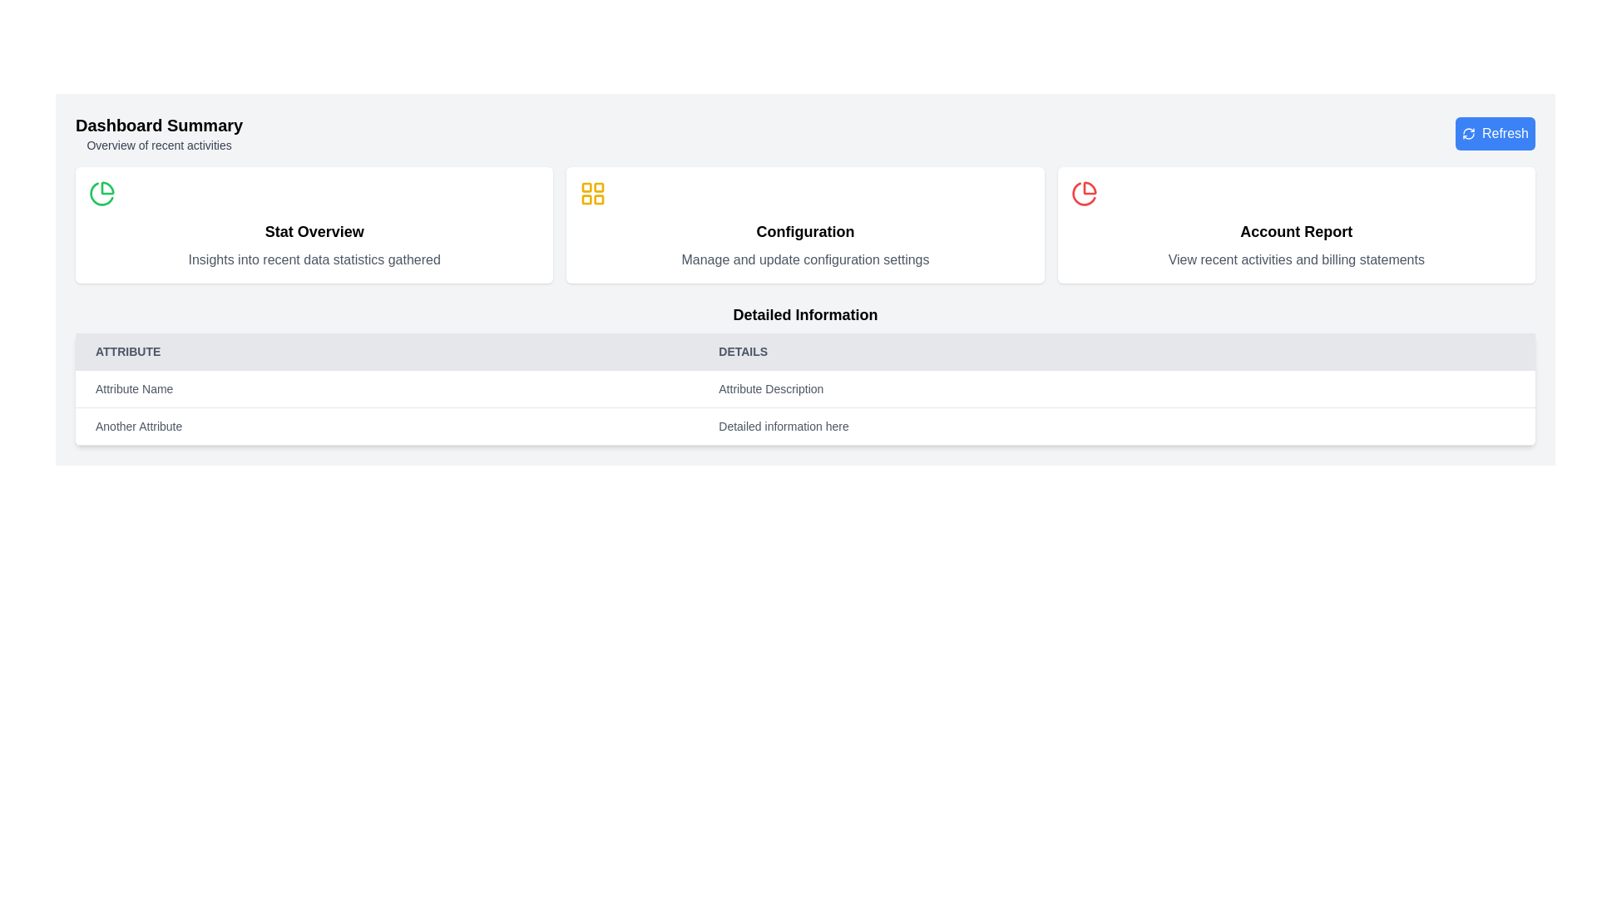 The height and width of the screenshot is (898, 1597). What do you see at coordinates (1495, 133) in the screenshot?
I see `the refresh button located in the top-right corner of the dashboard` at bounding box center [1495, 133].